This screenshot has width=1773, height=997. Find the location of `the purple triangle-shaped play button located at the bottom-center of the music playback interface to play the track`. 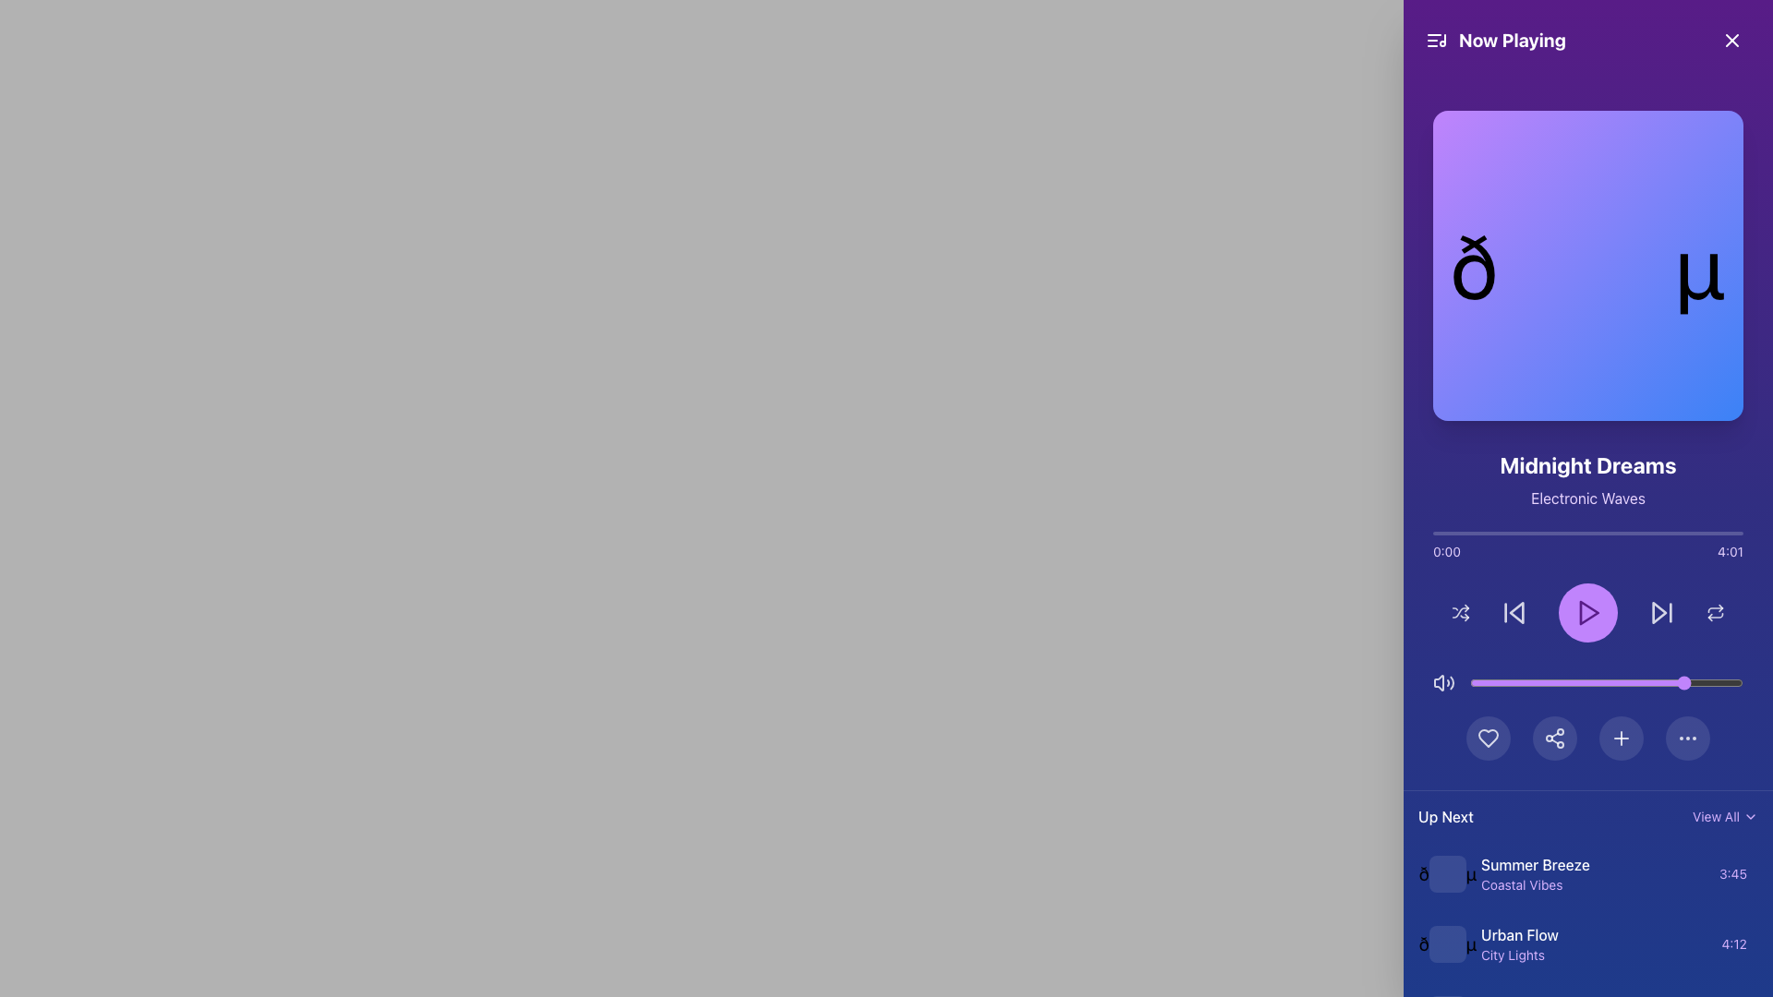

the purple triangle-shaped play button located at the bottom-center of the music playback interface to play the track is located at coordinates (1588, 612).